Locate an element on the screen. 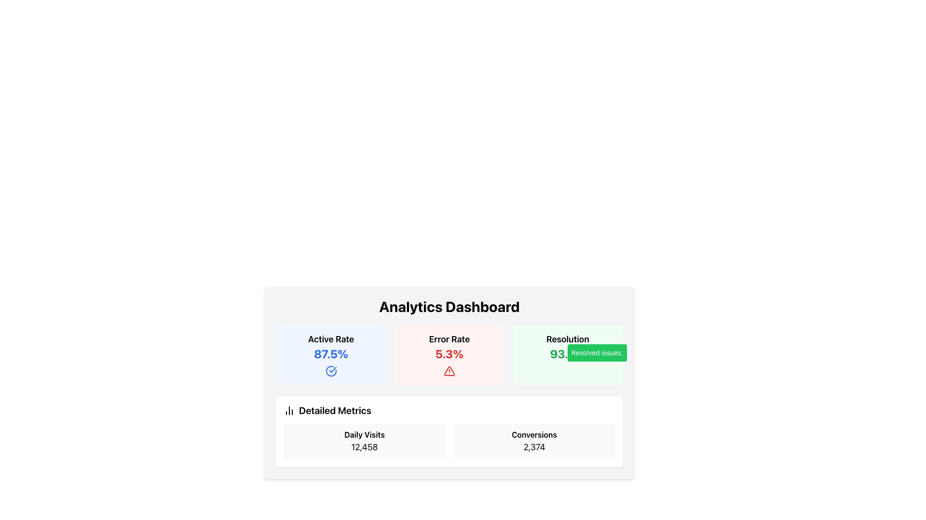  the warning graphic icon in the 'Error Rate' section, which indicates an issue requiring user attention is located at coordinates (449, 371).